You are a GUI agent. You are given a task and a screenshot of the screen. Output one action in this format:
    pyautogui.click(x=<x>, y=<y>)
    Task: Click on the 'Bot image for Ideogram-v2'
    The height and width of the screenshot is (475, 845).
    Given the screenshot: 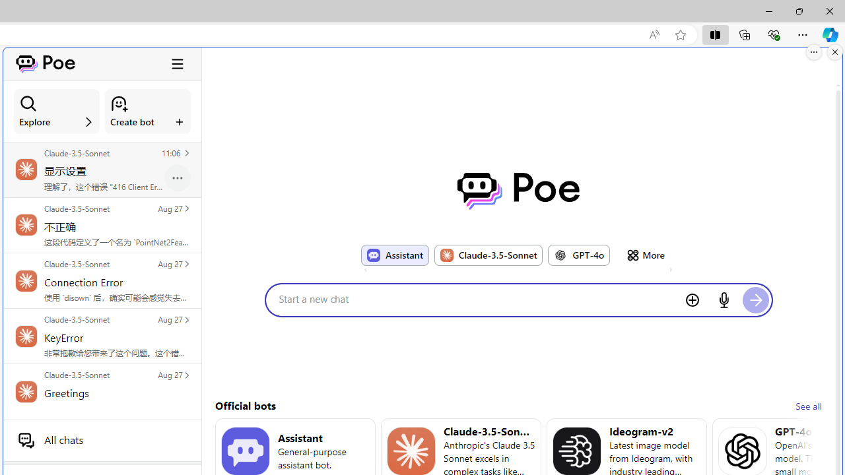 What is the action you would take?
    pyautogui.click(x=577, y=450)
    